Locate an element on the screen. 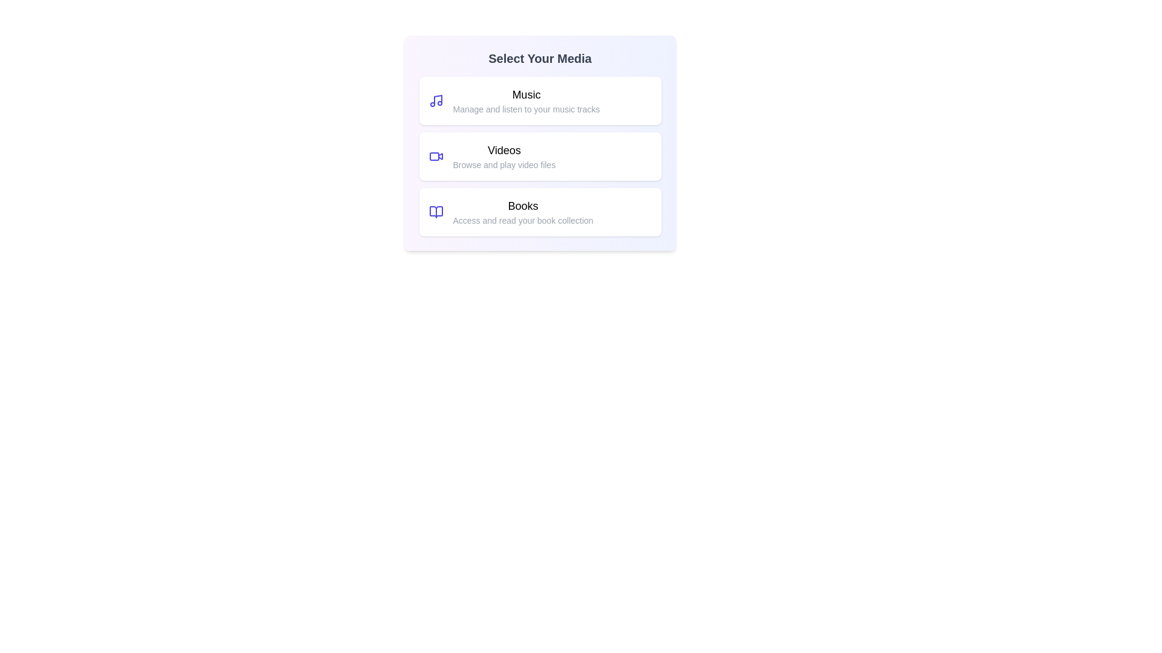 The width and height of the screenshot is (1162, 653). the media option Books to see the hover effect is located at coordinates (539, 212).